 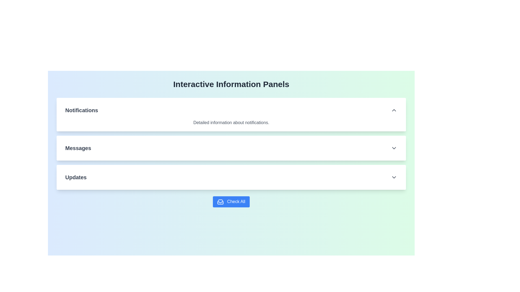 What do you see at coordinates (76, 177) in the screenshot?
I see `the 'Updates' text label, which serves as a heading for the updates section of the application` at bounding box center [76, 177].